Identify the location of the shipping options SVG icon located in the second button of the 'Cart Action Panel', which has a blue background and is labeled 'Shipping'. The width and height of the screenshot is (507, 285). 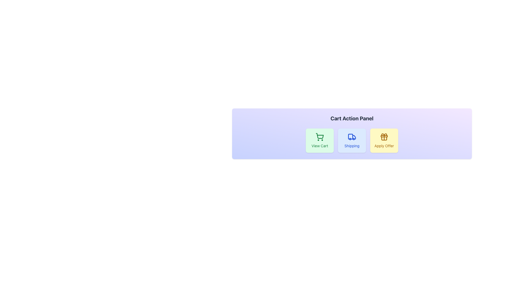
(352, 137).